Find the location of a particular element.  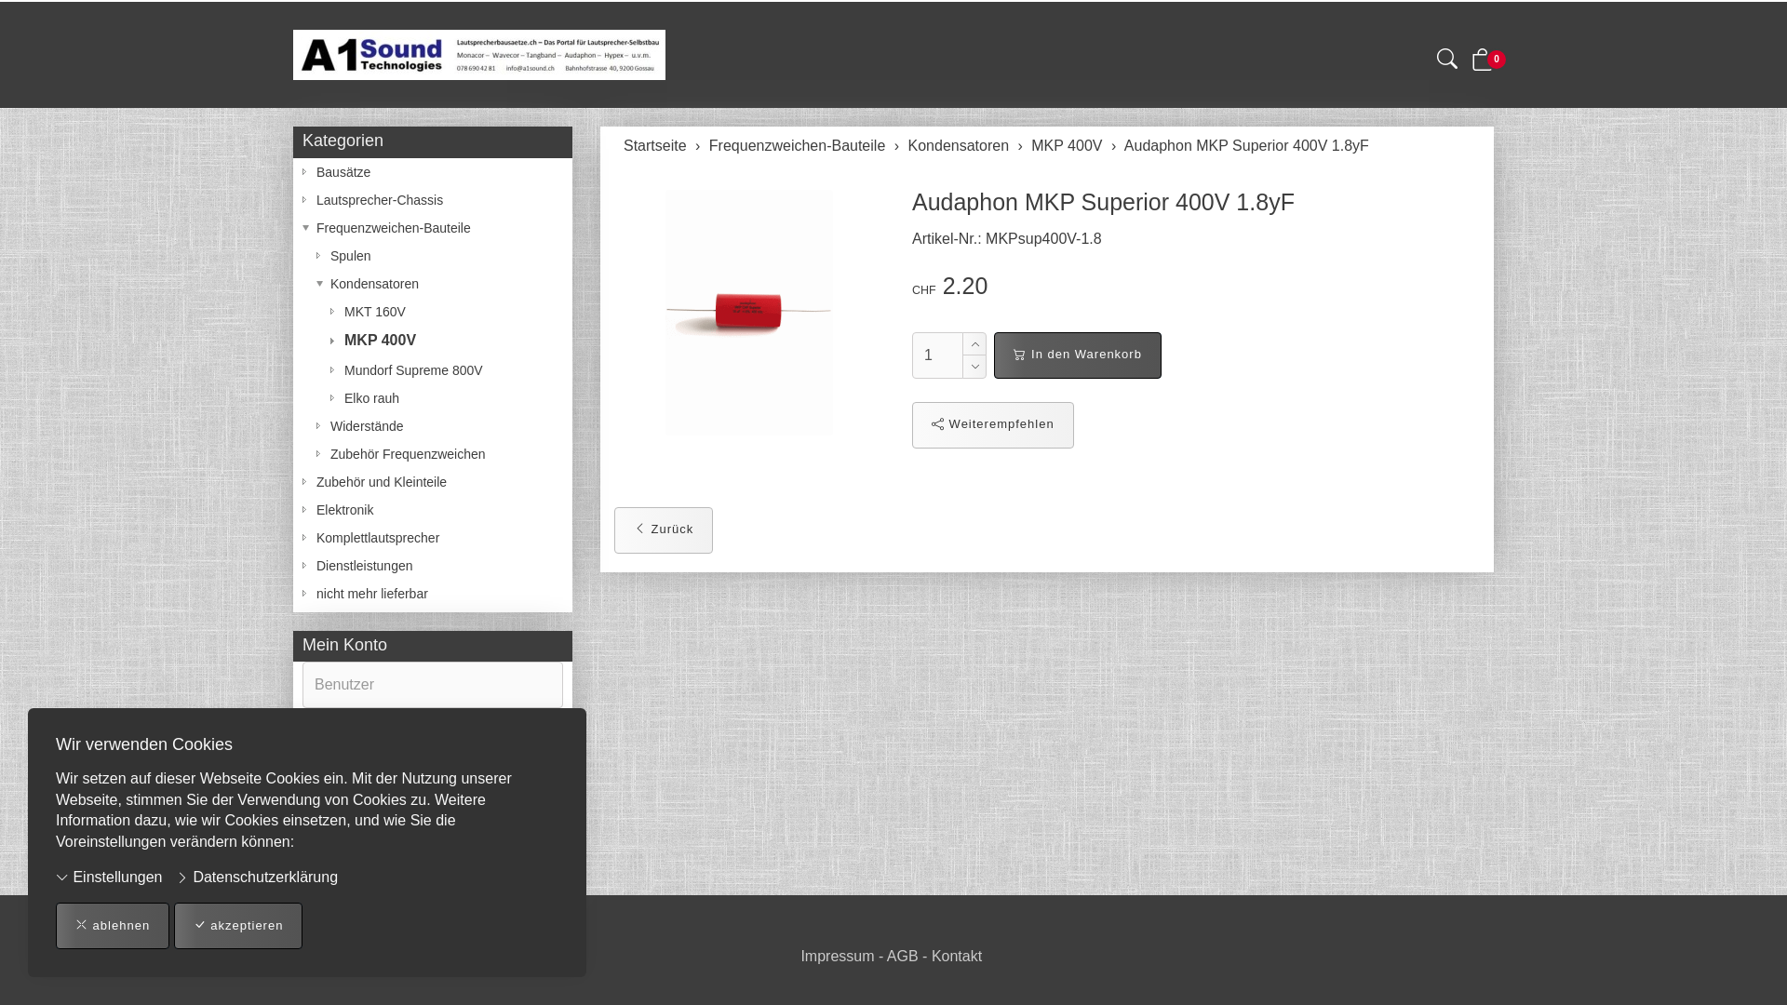

'akzeptieren' is located at coordinates (237, 926).